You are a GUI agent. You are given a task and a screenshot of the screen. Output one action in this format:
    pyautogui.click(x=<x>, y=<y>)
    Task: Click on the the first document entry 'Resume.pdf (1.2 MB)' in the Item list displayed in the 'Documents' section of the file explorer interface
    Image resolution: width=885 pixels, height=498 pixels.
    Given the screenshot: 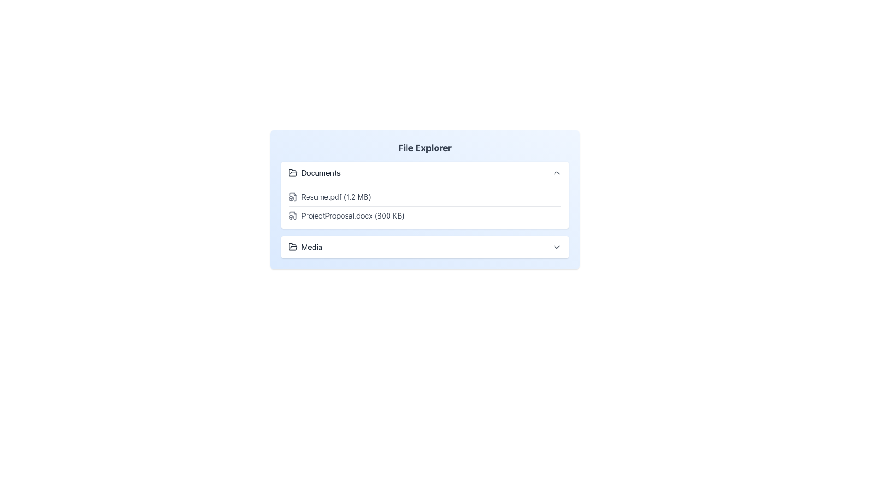 What is the action you would take?
    pyautogui.click(x=424, y=206)
    